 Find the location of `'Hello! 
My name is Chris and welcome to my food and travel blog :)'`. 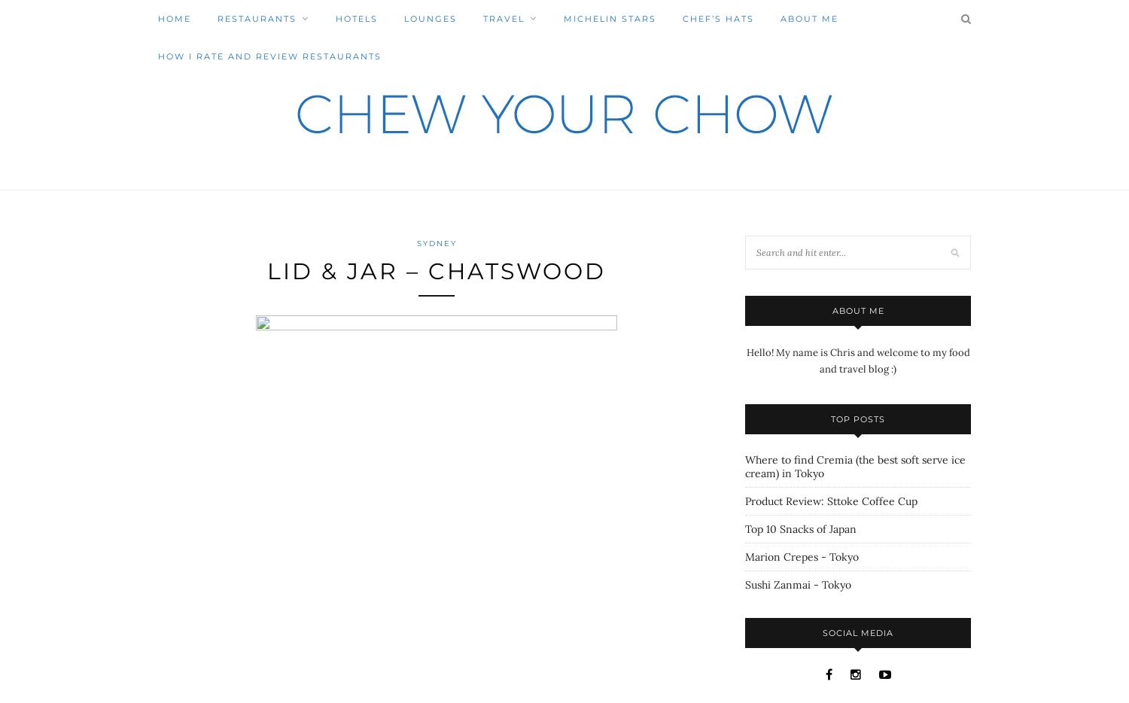

'Hello! 
My name is Chris and welcome to my food and travel blog :)' is located at coordinates (857, 360).